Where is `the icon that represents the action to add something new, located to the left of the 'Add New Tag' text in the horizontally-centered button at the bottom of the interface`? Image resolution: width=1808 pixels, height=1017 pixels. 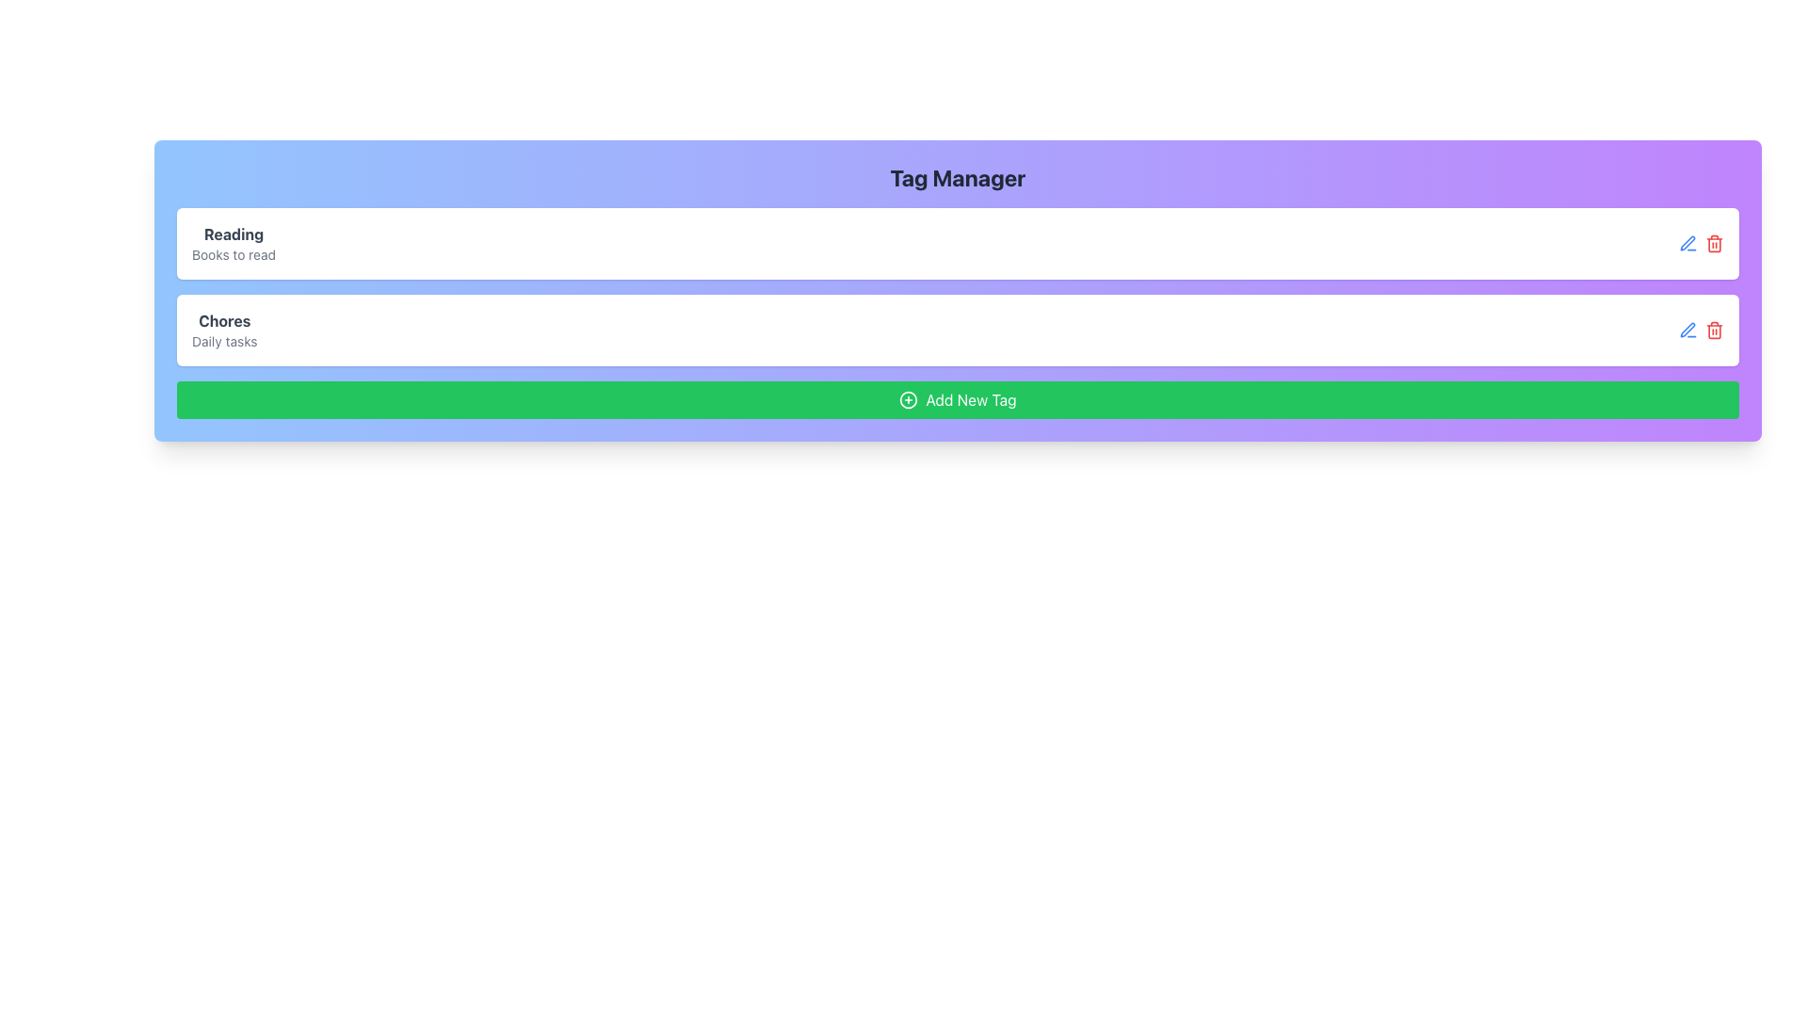
the icon that represents the action to add something new, located to the left of the 'Add New Tag' text in the horizontally-centered button at the bottom of the interface is located at coordinates (909, 398).